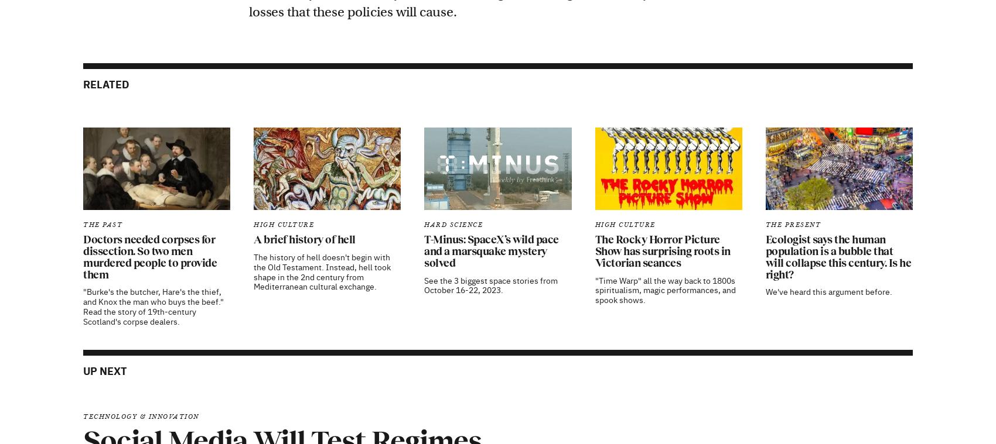 This screenshot has width=996, height=444. What do you see at coordinates (490, 99) in the screenshot?
I see `'T-Minus: SpaceX’s wild pace and a marsquake mystery solved'` at bounding box center [490, 99].